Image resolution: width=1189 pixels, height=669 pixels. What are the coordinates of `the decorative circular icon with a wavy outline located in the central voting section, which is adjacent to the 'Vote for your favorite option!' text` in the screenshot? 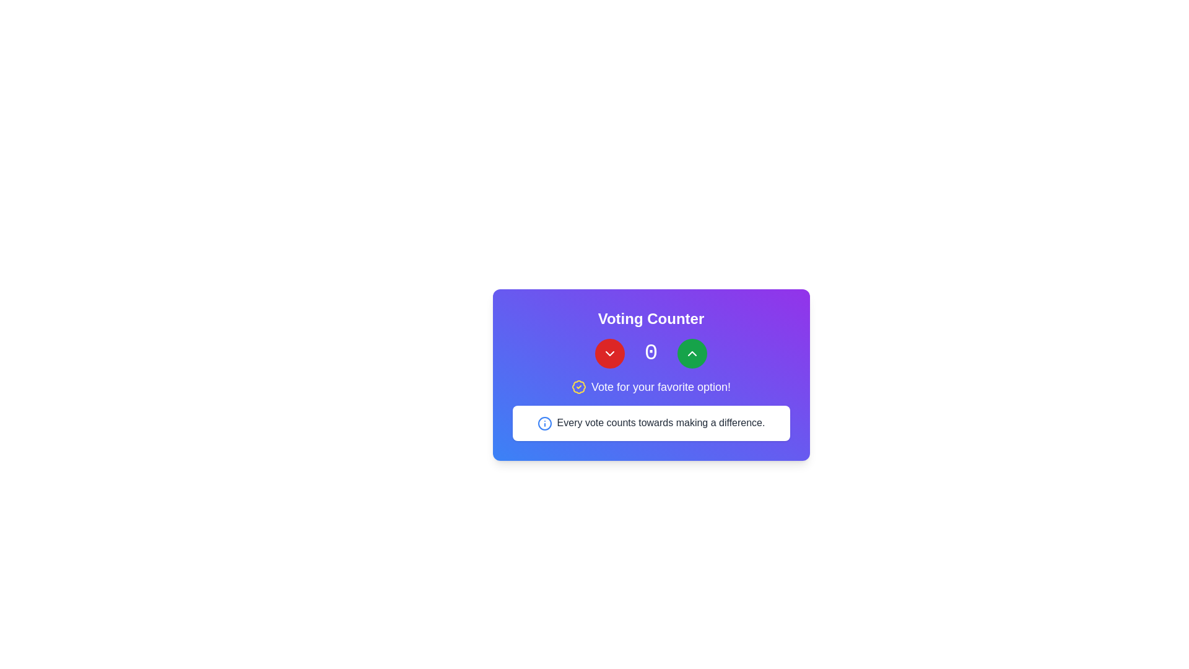 It's located at (578, 386).